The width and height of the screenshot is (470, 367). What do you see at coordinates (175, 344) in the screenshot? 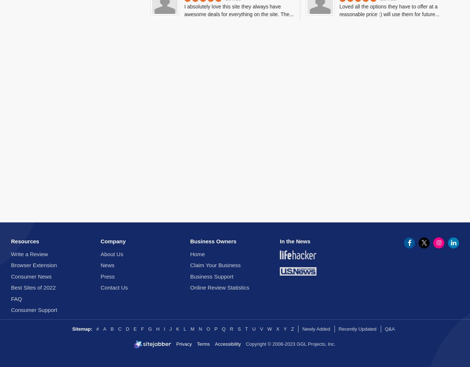
I see `'Privacy'` at bounding box center [175, 344].